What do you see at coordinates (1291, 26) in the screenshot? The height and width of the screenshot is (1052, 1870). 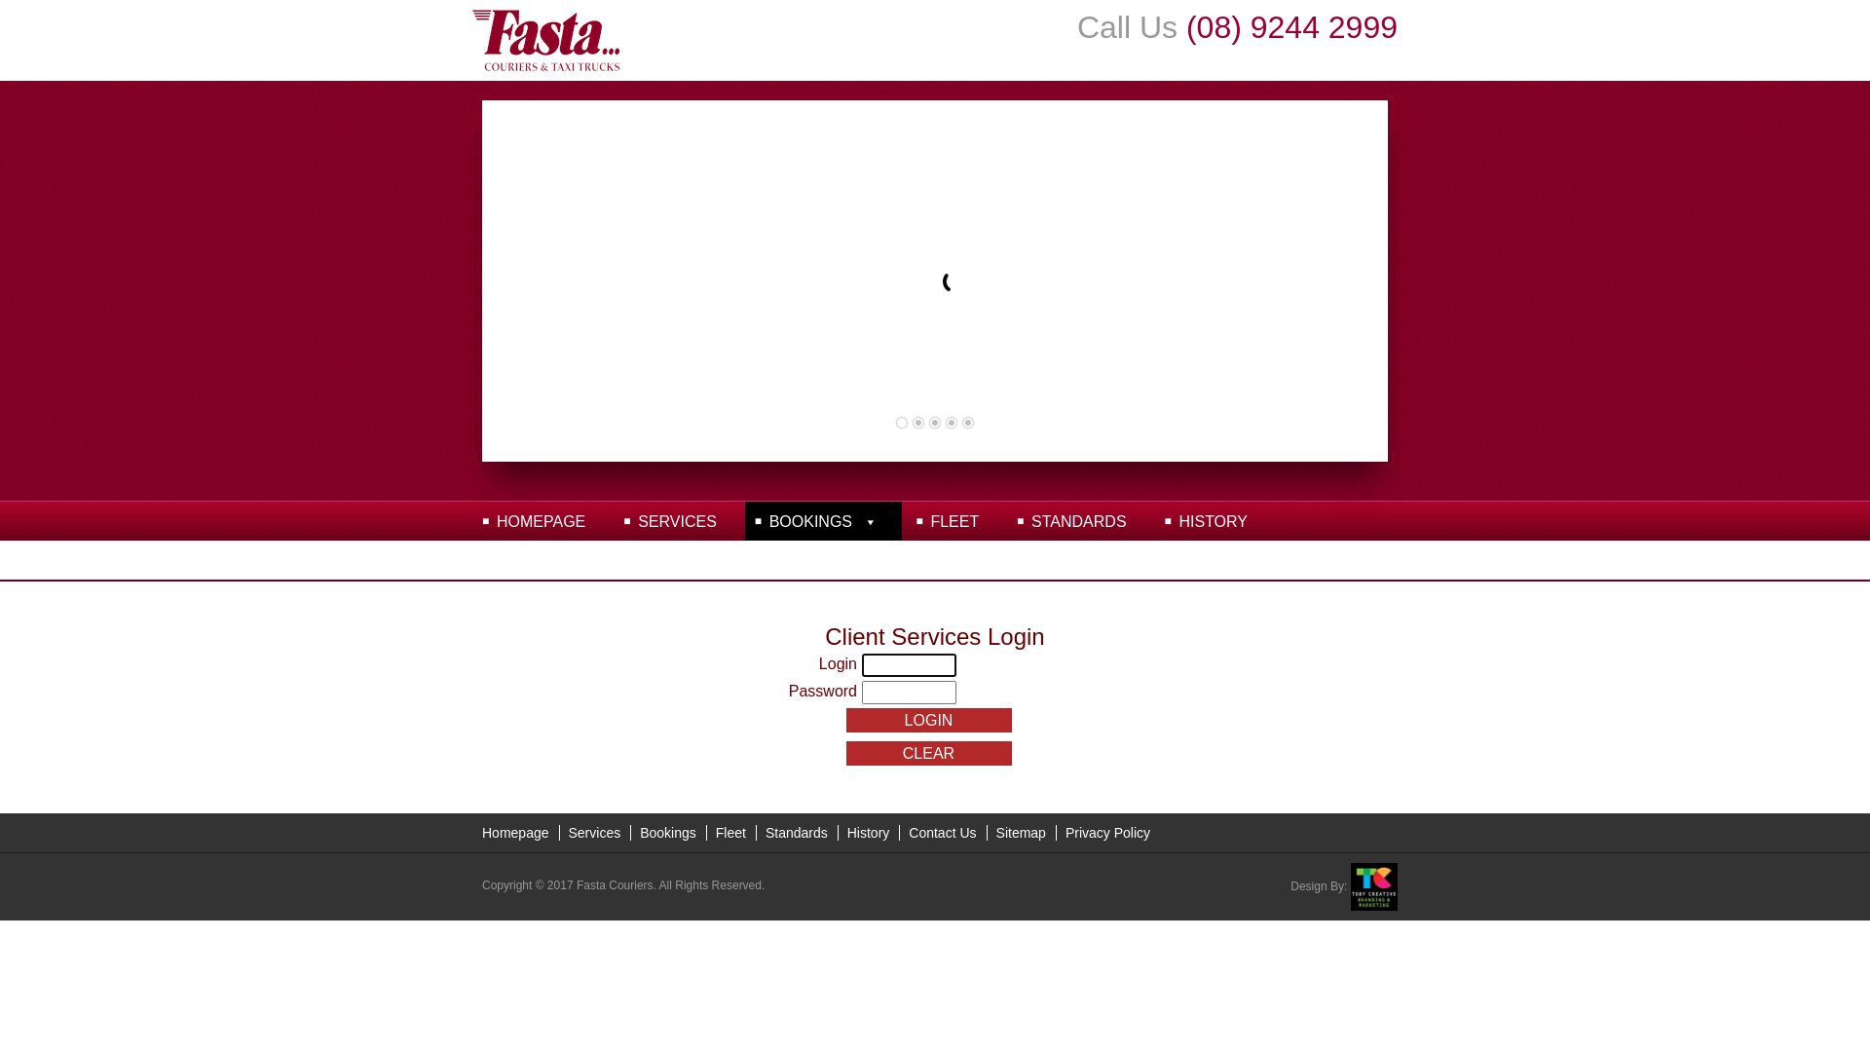 I see `'(08) 9244 2999'` at bounding box center [1291, 26].